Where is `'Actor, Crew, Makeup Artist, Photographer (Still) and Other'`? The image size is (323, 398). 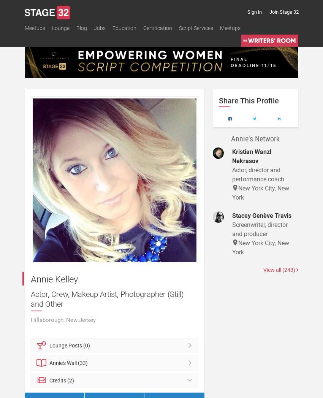 'Actor, Crew, Makeup Artist, Photographer (Still) and Other' is located at coordinates (107, 298).